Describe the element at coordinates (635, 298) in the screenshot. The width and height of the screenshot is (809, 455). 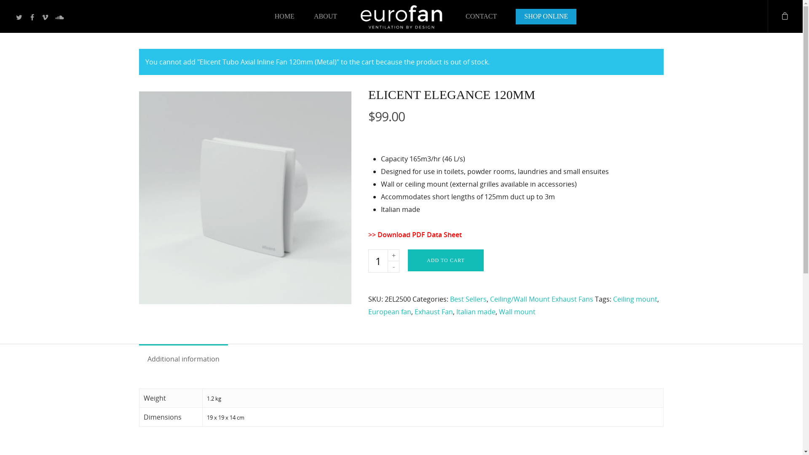
I see `'Ceiling mount'` at that location.